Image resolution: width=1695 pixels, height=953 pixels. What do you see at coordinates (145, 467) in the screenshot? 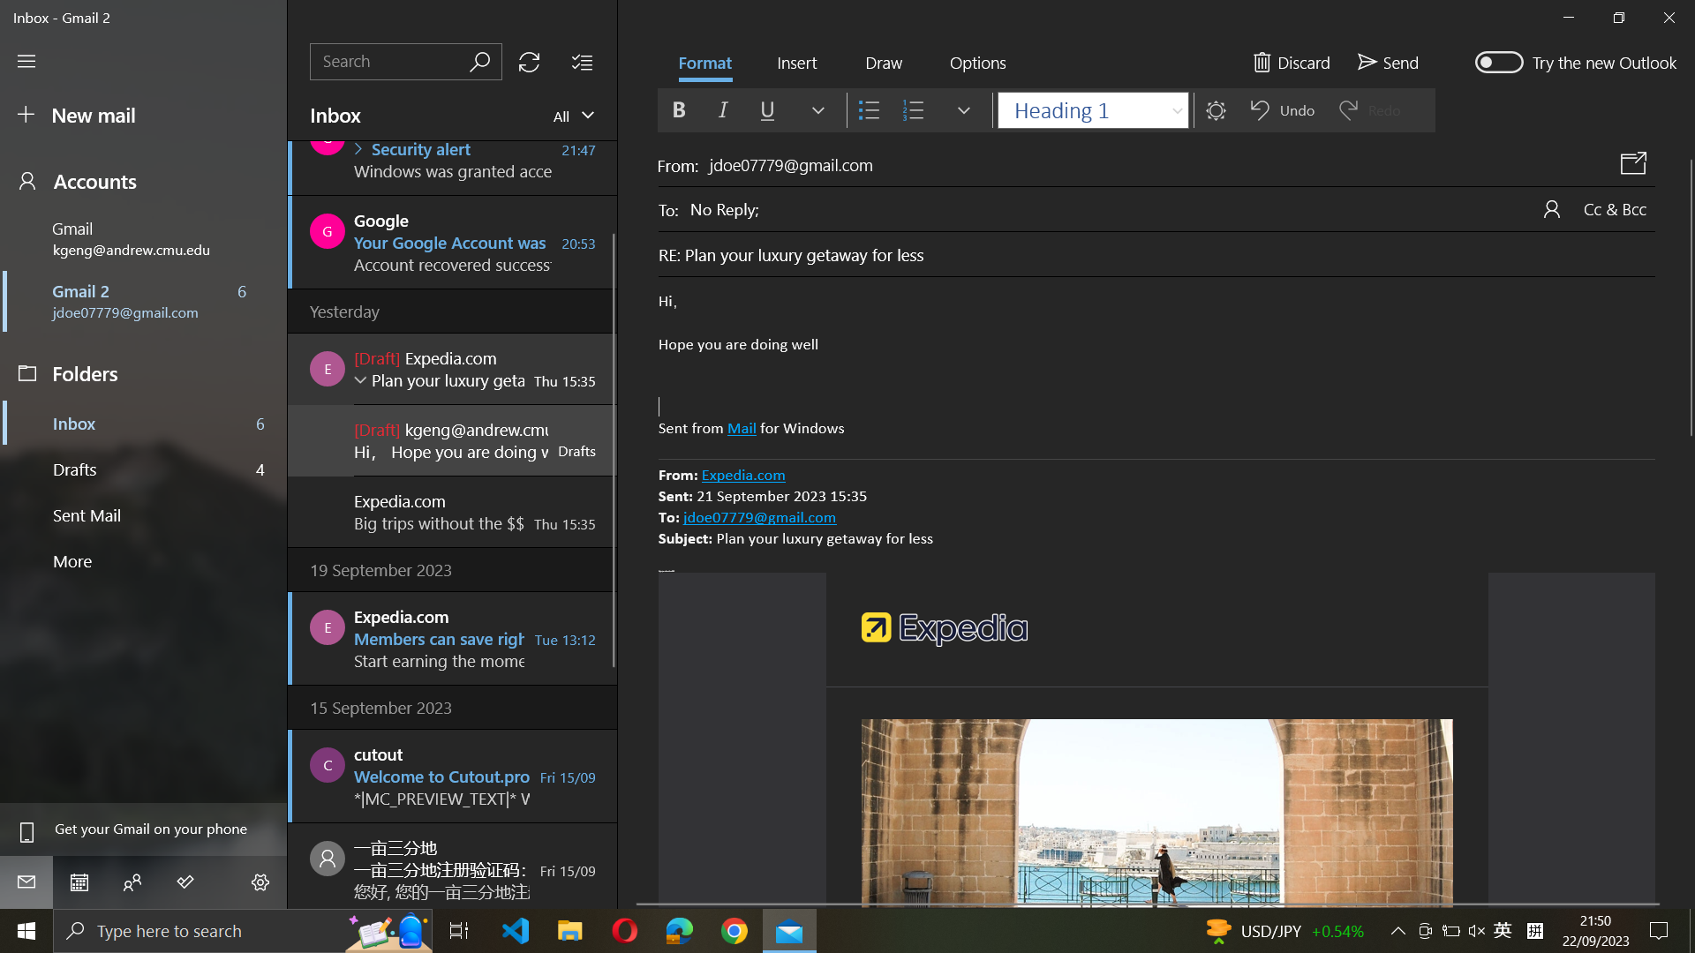
I see `the "Drafts" folder` at bounding box center [145, 467].